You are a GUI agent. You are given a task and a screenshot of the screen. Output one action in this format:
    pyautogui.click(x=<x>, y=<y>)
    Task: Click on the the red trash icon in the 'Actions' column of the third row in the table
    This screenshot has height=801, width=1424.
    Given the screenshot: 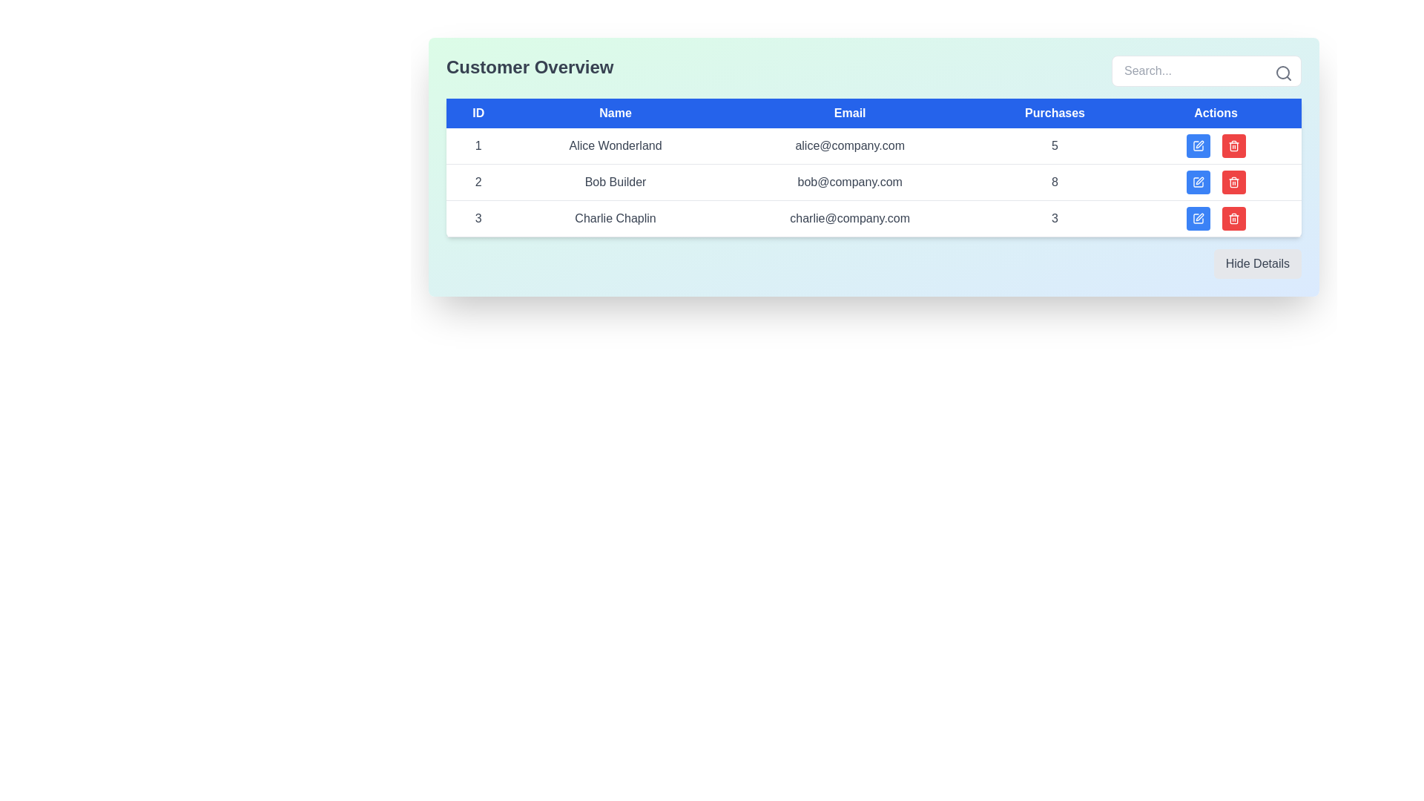 What is the action you would take?
    pyautogui.click(x=1233, y=182)
    